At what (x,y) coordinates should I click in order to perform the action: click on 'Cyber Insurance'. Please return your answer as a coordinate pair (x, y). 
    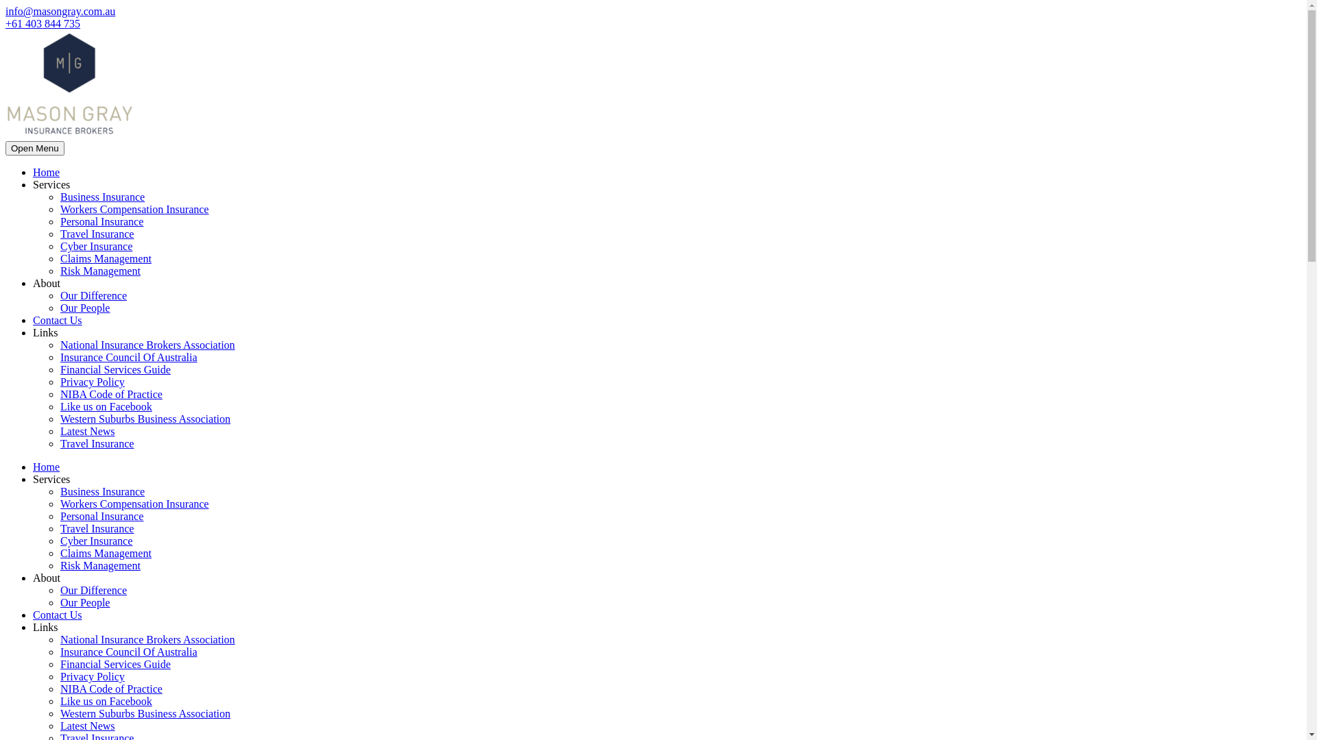
    Looking at the image, I should click on (95, 540).